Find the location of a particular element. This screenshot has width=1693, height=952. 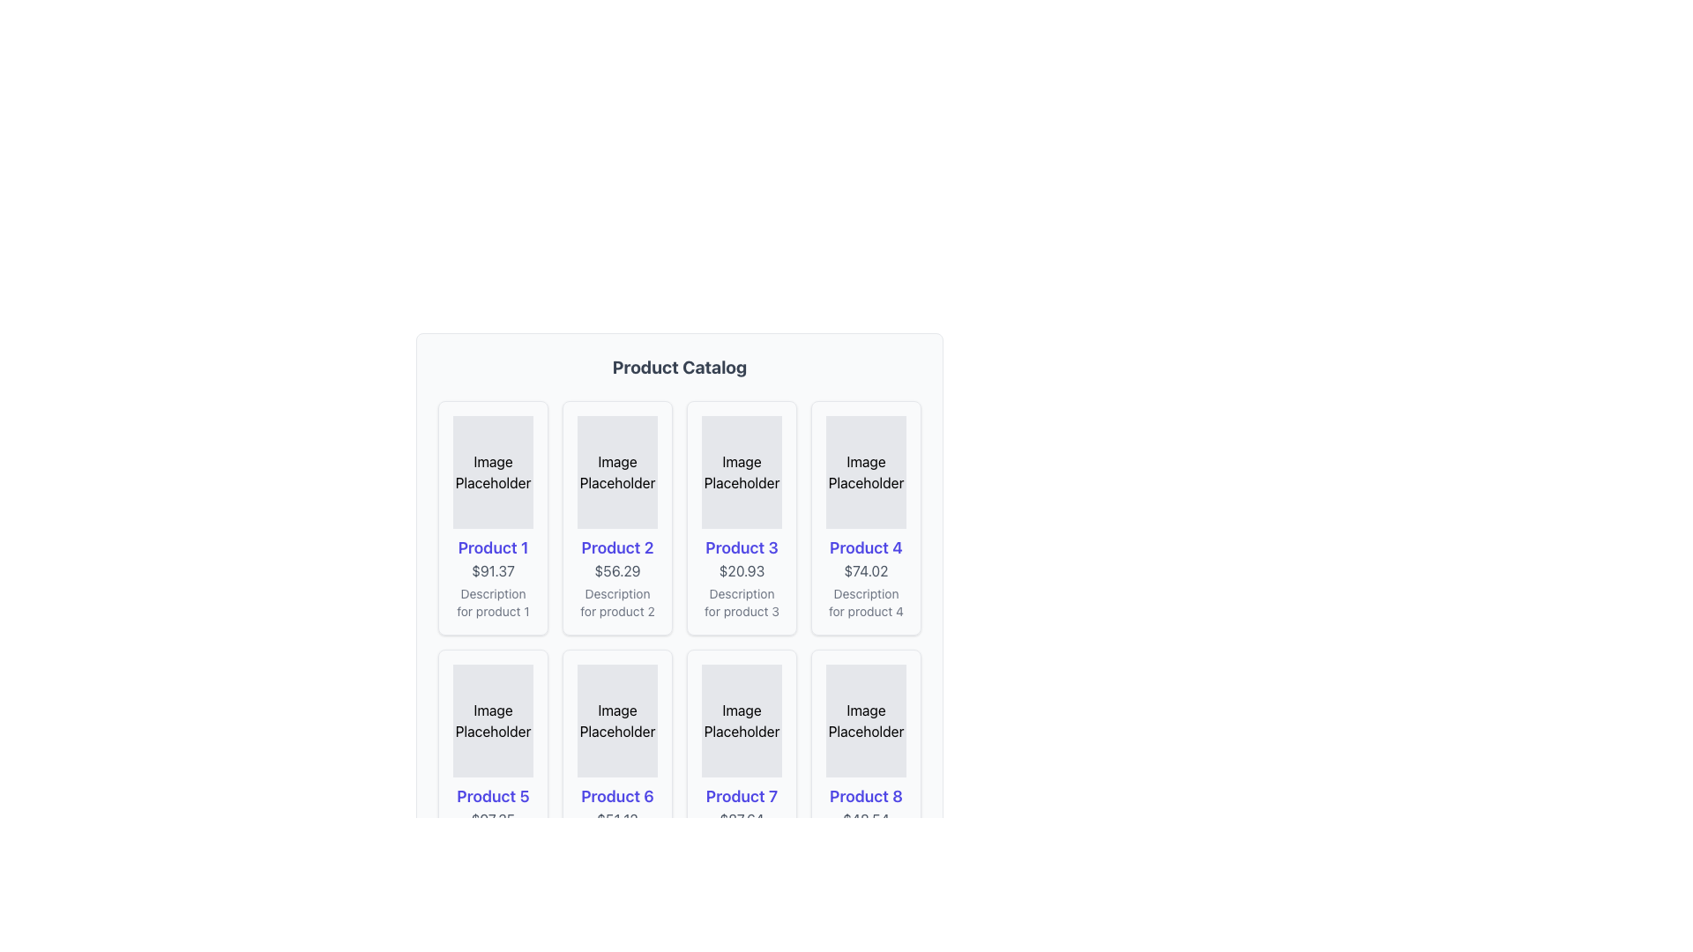

the image placeholder for 'Product 1' located at the top of the product card, directly above the title and details is located at coordinates (493, 472).